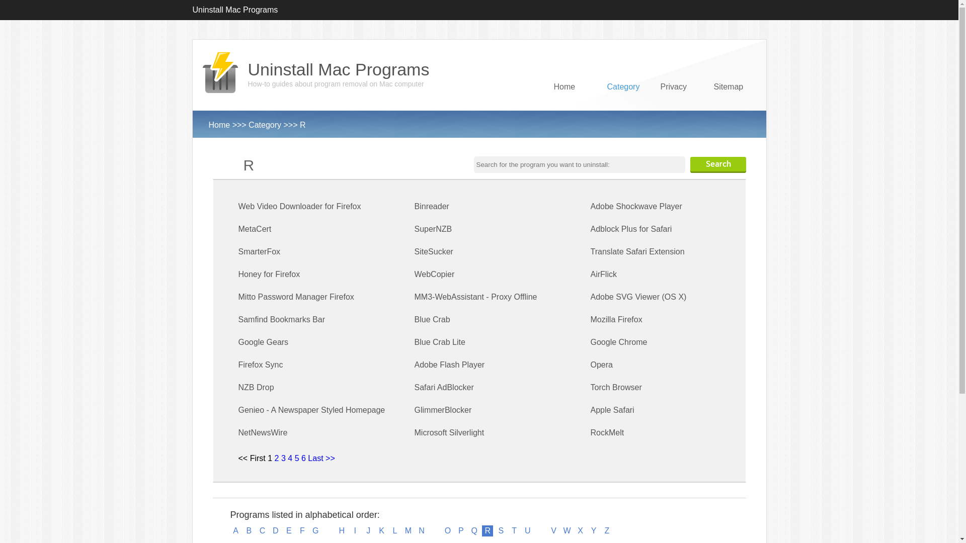 This screenshot has width=966, height=543. I want to click on 'A', so click(235, 530).